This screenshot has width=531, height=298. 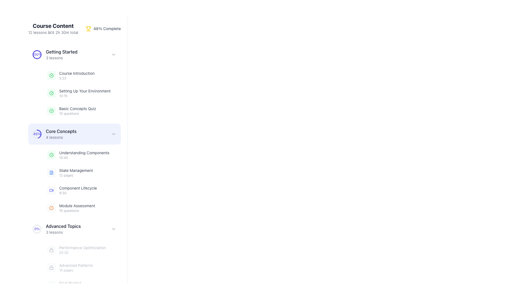 I want to click on the third entry under the 'Getting Started' section of the learning material quiz, so click(x=82, y=111).